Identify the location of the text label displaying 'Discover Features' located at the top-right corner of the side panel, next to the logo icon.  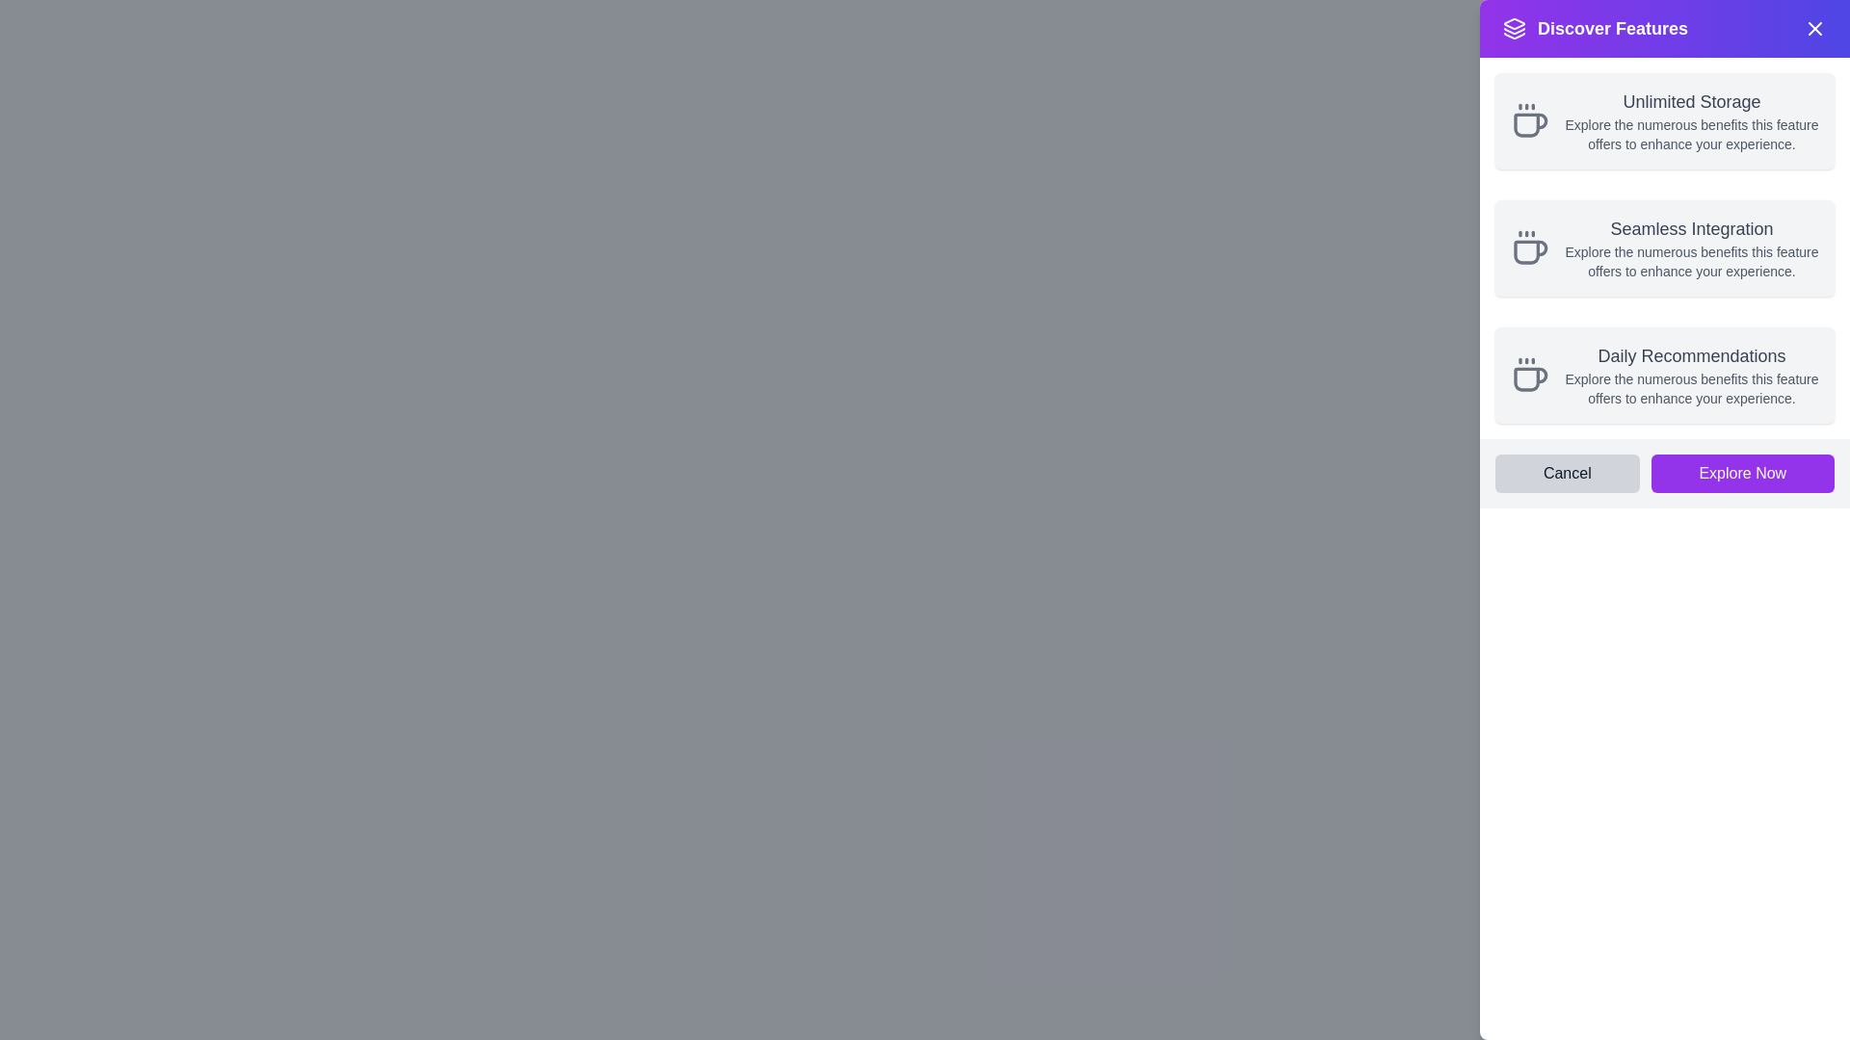
(1613, 29).